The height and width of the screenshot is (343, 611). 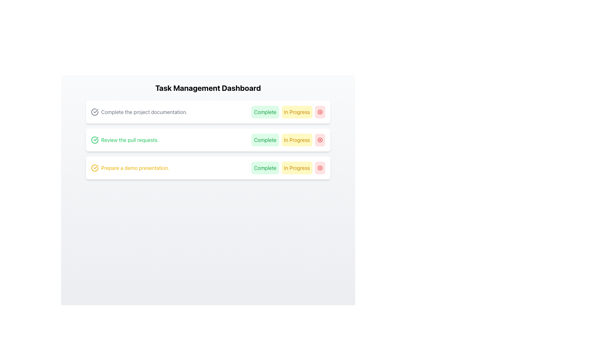 I want to click on the red circular graphic icon located to the far right of the second row in the list of task items, so click(x=320, y=139).